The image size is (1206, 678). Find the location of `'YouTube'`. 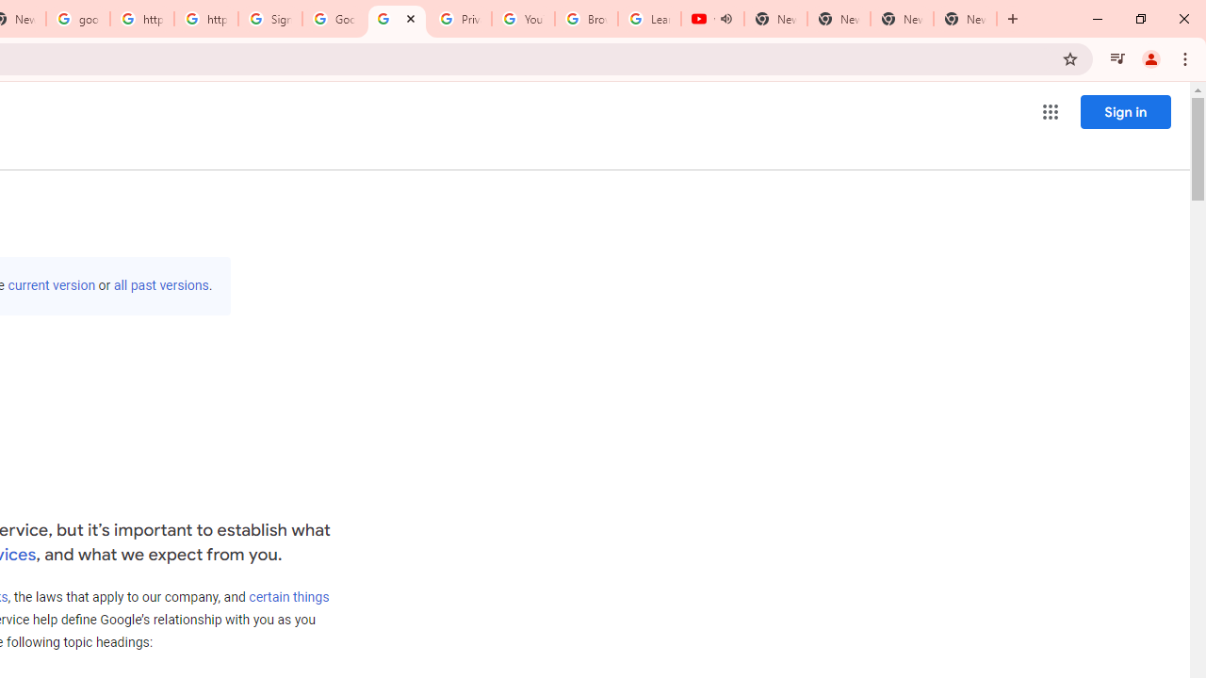

'YouTube' is located at coordinates (523, 19).